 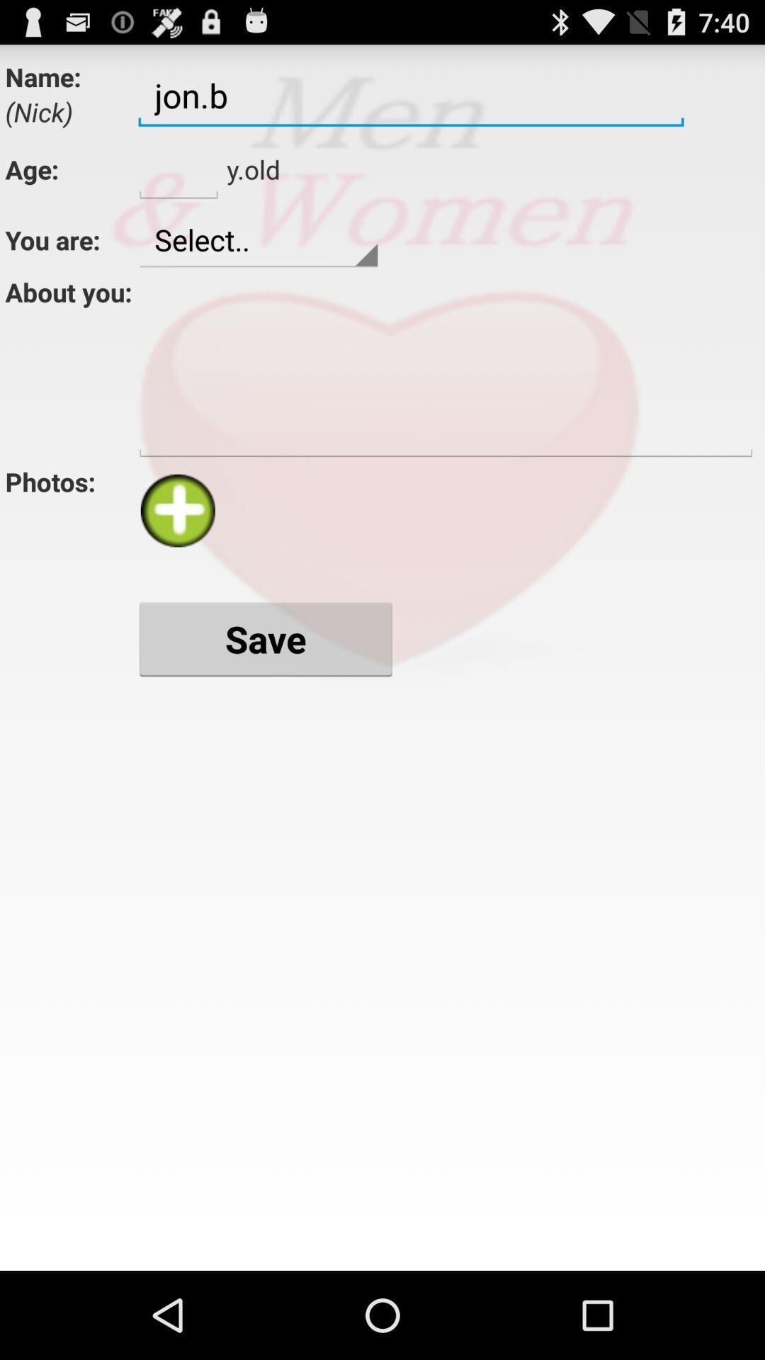 I want to click on the add icon, so click(x=177, y=545).